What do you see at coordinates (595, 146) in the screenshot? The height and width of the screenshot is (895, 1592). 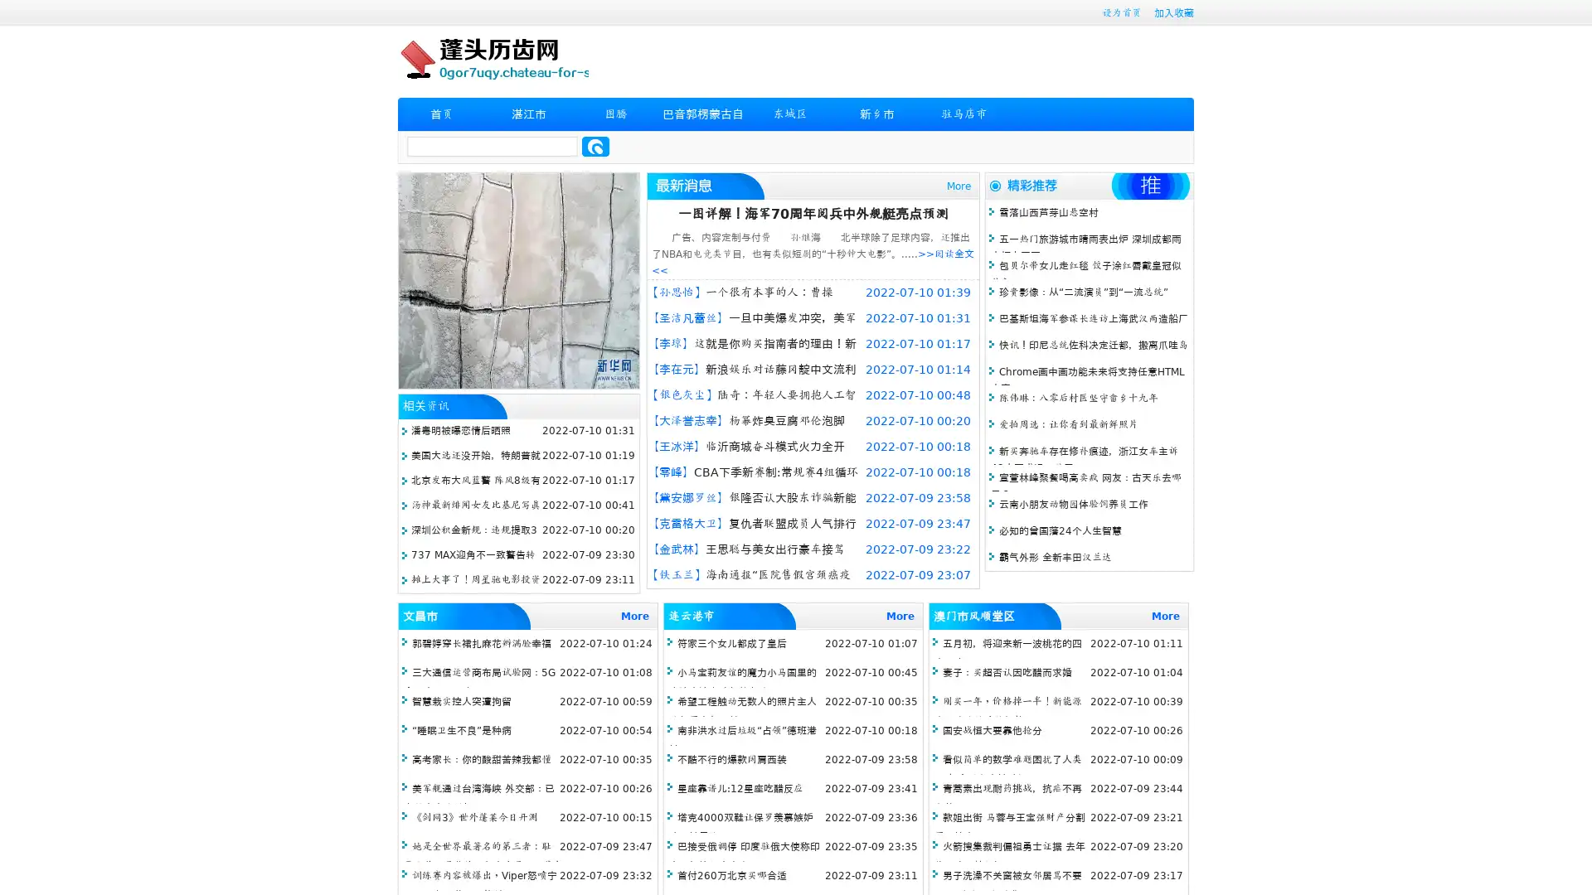 I see `Search` at bounding box center [595, 146].